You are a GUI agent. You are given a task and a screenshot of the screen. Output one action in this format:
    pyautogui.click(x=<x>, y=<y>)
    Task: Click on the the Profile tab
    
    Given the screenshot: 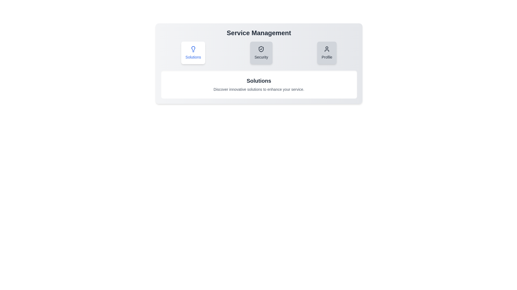 What is the action you would take?
    pyautogui.click(x=327, y=53)
    